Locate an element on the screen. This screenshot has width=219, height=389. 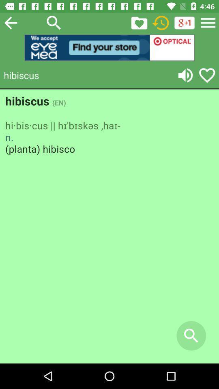
the history icon is located at coordinates (161, 22).